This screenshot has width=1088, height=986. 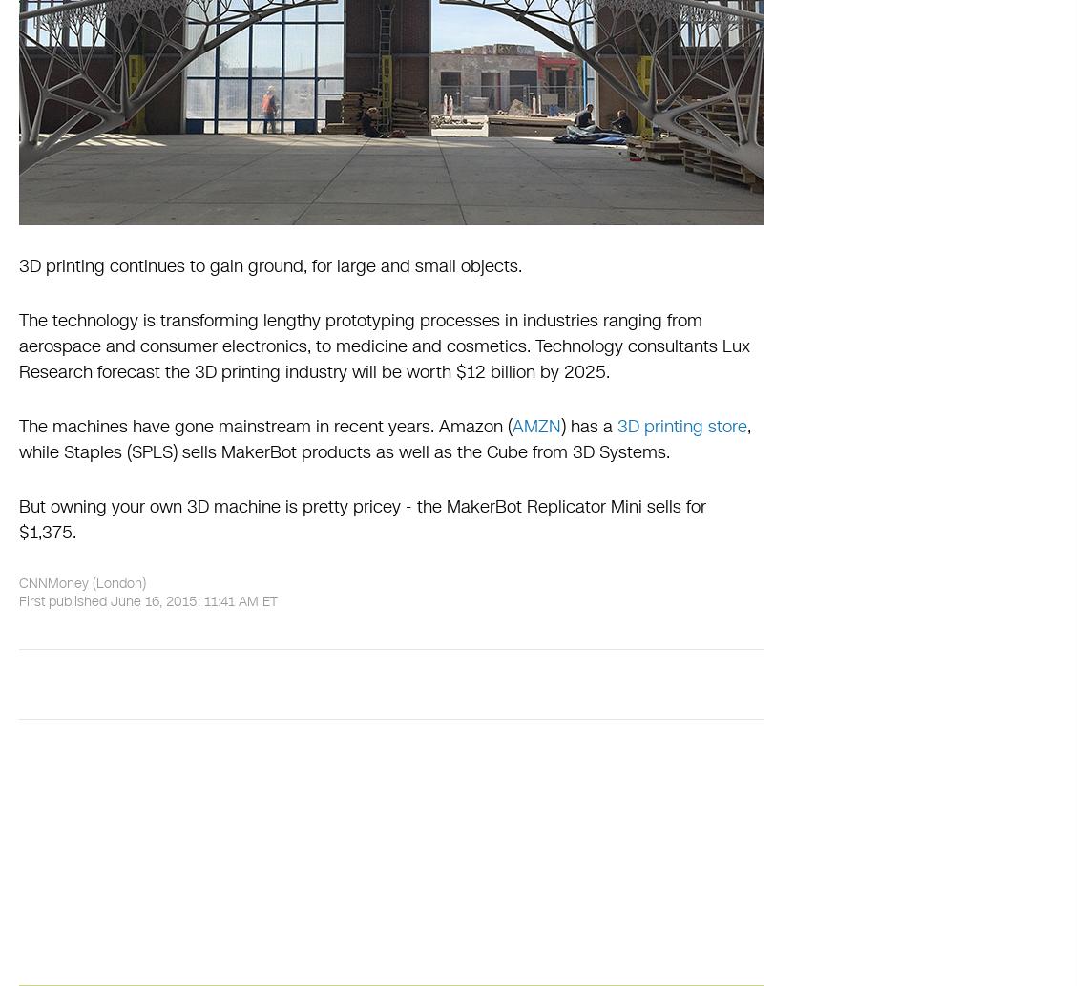 I want to click on 'The technology is transforming lengthy prototyping processes in industries ranging from aerospace and consumer electronics, to medicine and cosmetics. Technology consultants Lux Research forecast the 3D printing industry will be worth $12 billion by 2025.', so click(x=383, y=346).